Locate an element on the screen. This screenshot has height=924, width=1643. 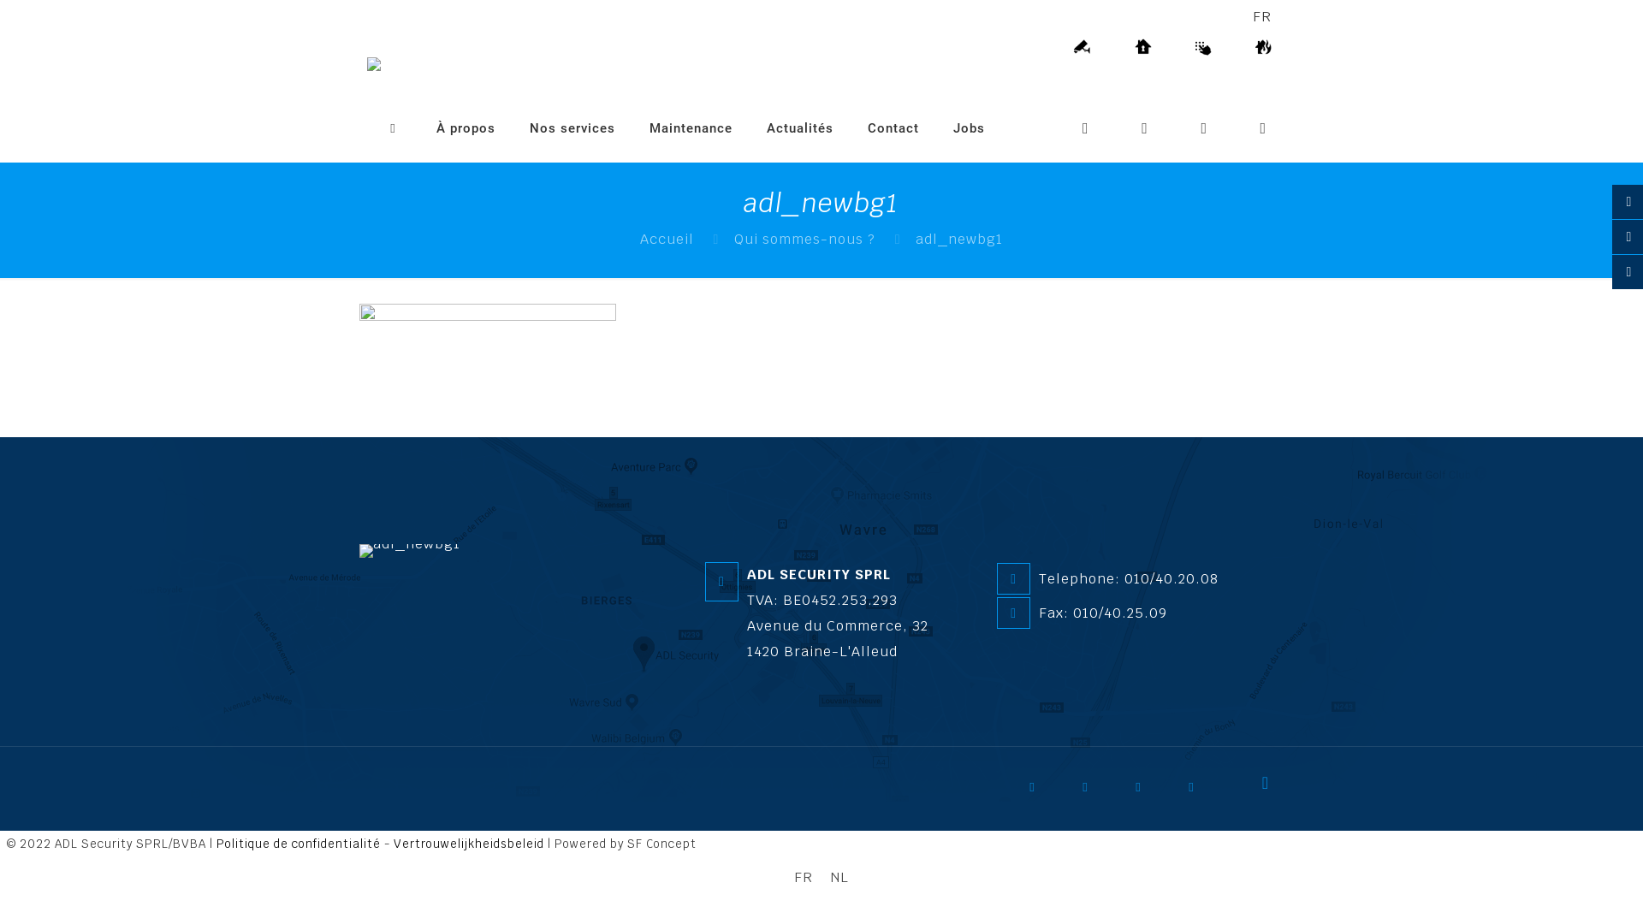
'Twitter' is located at coordinates (1096, 792).